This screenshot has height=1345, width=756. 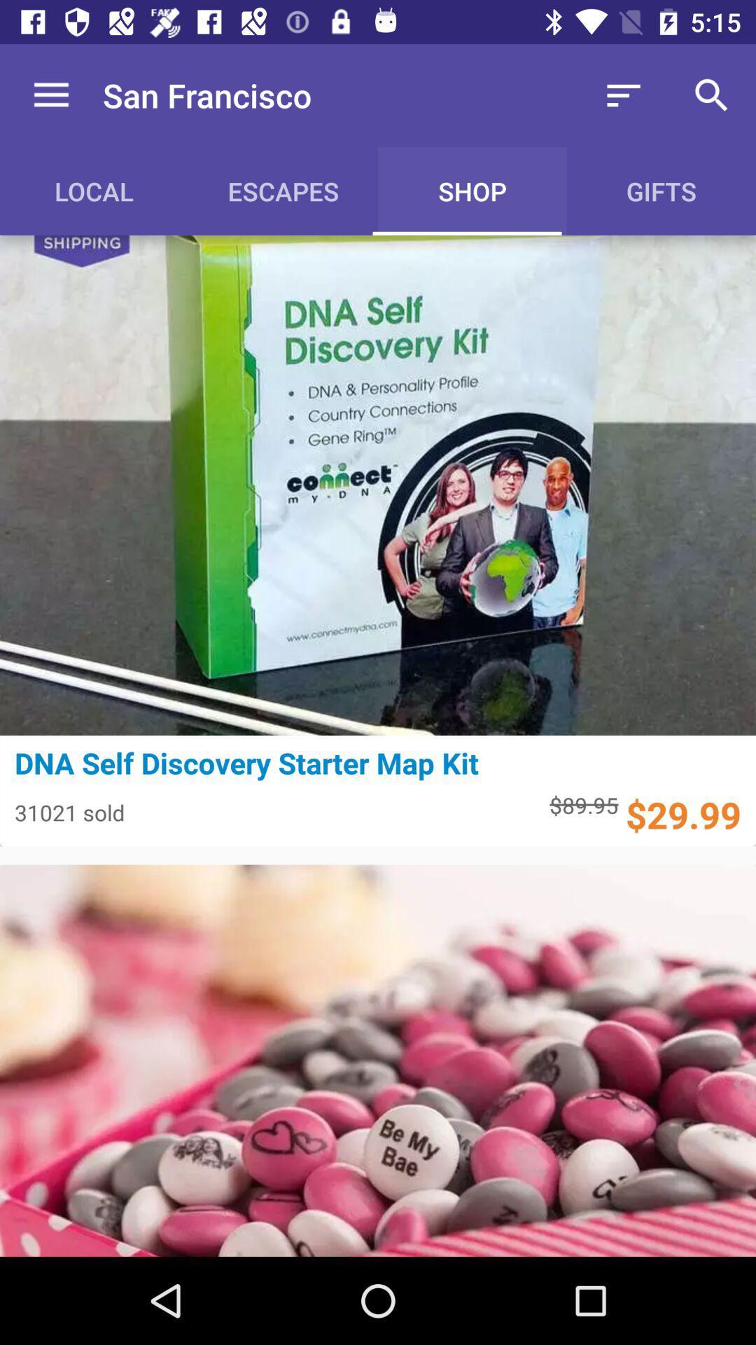 I want to click on the item next to the san francisco item, so click(x=623, y=95).